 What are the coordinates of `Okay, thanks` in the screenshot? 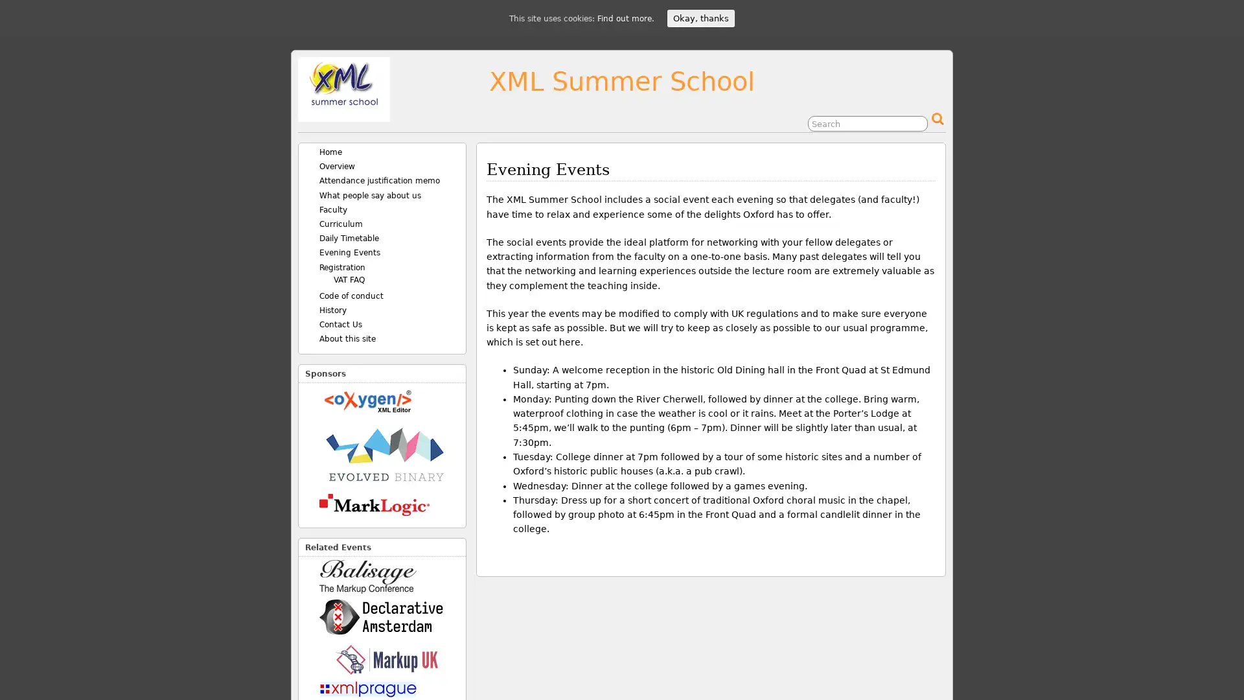 It's located at (700, 18).